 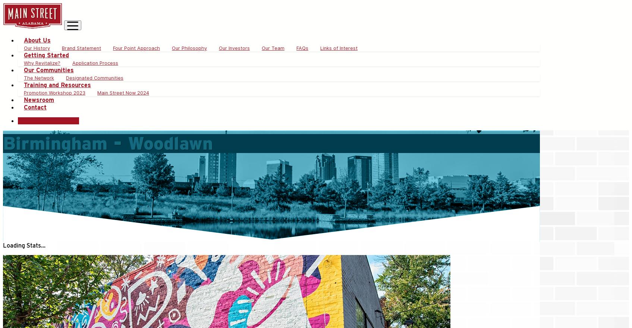 I want to click on 'Our Philosophy', so click(x=189, y=48).